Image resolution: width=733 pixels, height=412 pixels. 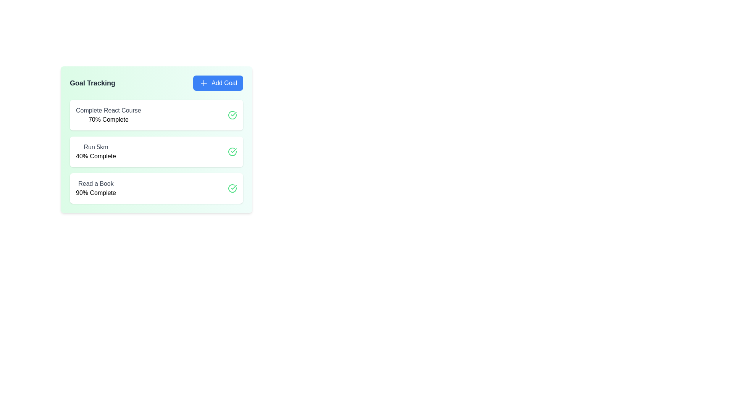 I want to click on the completion icon indicating the successful task 'Run 5km', located to the right of the 'Run 5km' text and below the 'Complete React Course' section, so click(x=232, y=151).